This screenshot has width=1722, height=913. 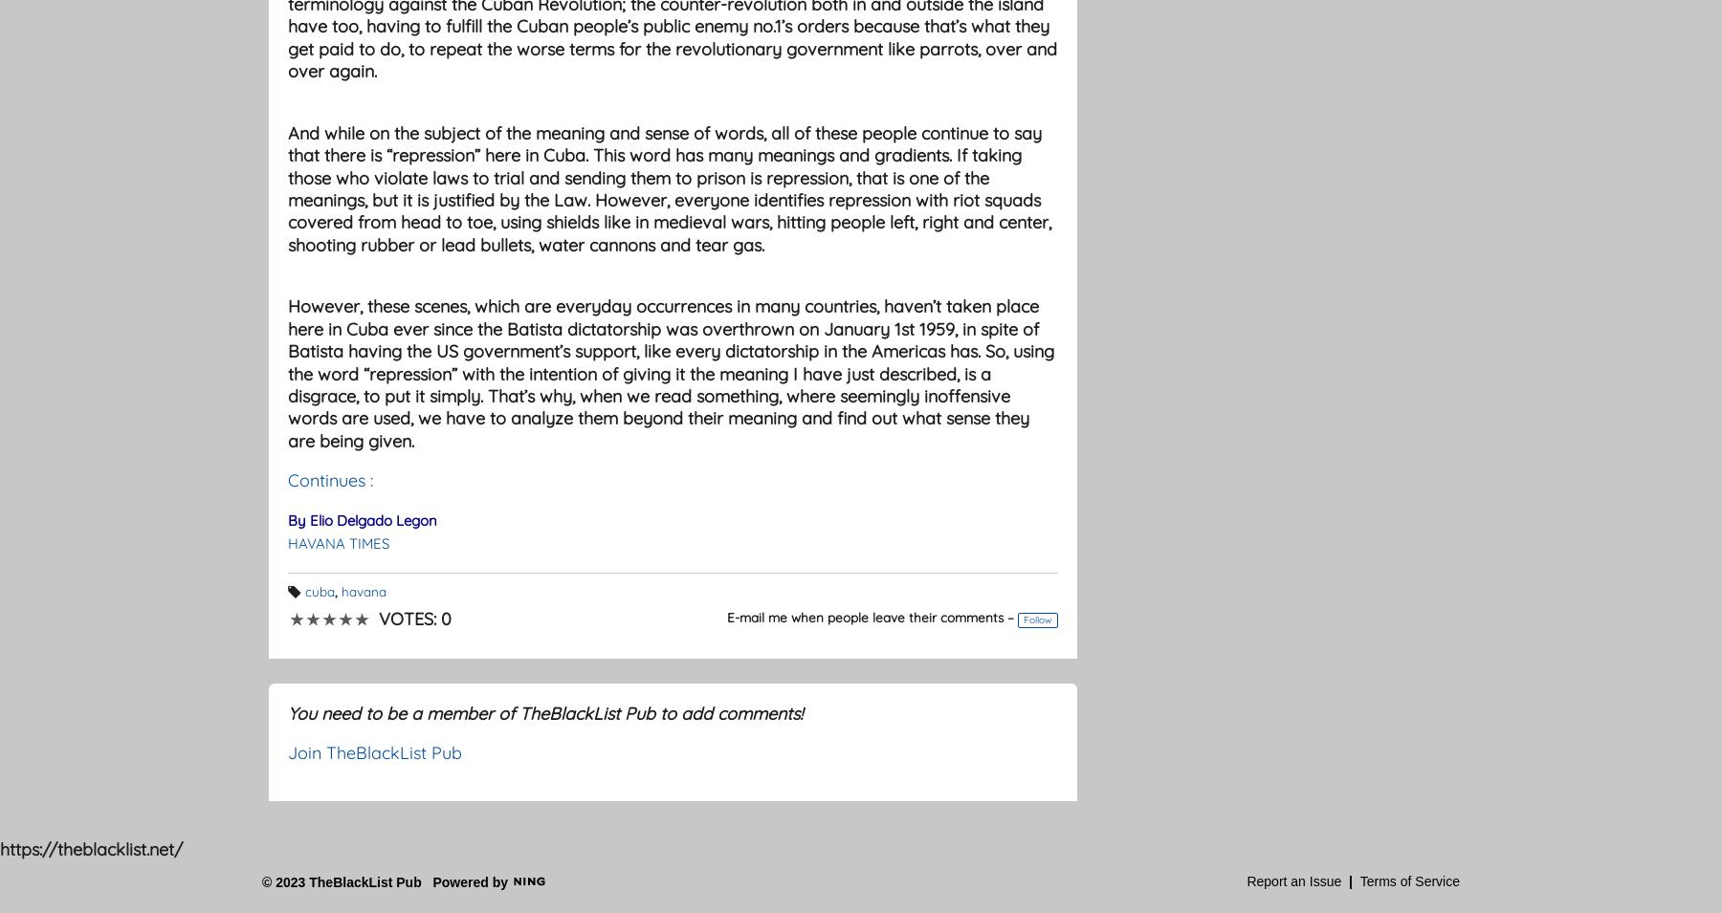 What do you see at coordinates (414, 617) in the screenshot?
I see `'Votes: 0'` at bounding box center [414, 617].